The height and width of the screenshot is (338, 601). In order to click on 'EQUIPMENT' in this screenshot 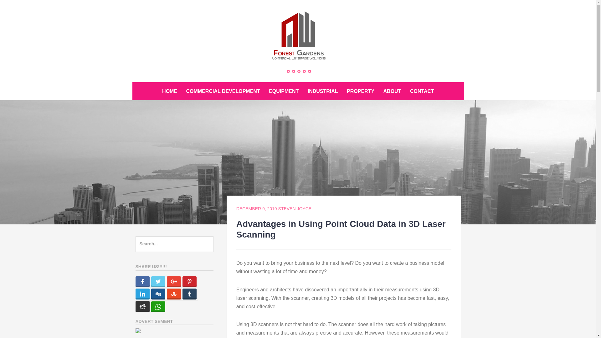, I will do `click(283, 91)`.